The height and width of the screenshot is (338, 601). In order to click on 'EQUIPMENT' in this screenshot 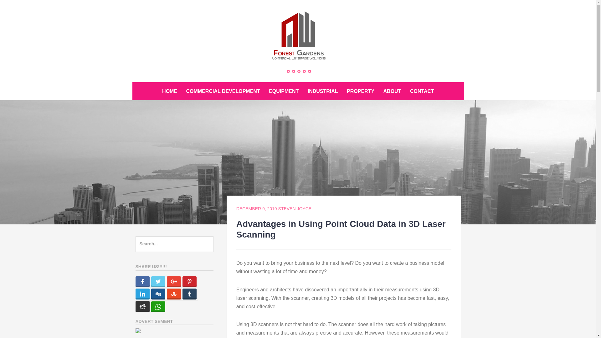, I will do `click(283, 91)`.